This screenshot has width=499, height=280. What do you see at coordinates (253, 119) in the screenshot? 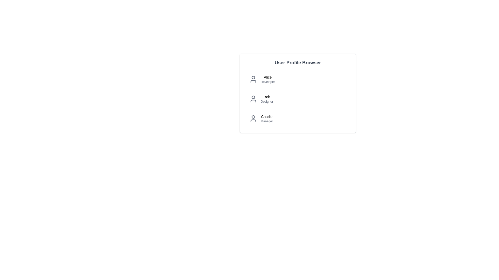
I see `the user profile icon for 'Charlie Manager', which is located in the leftmost section of the row labeled 'Charlie Manager'` at bounding box center [253, 119].